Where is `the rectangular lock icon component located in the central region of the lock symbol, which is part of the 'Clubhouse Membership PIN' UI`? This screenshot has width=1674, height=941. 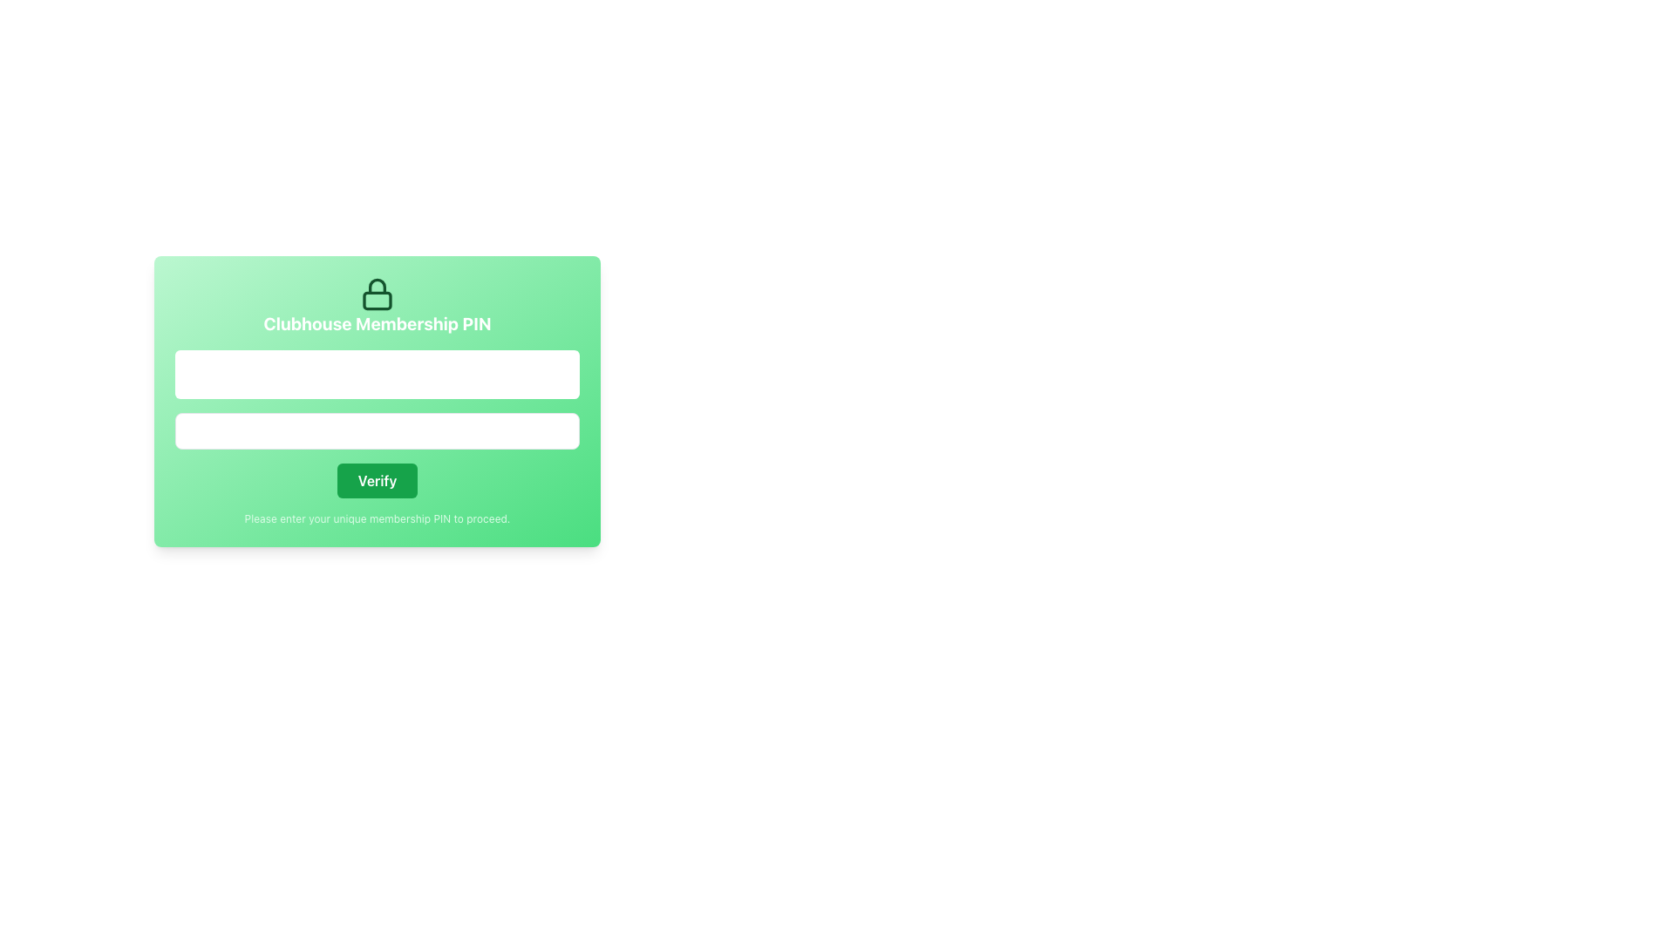
the rectangular lock icon component located in the central region of the lock symbol, which is part of the 'Clubhouse Membership PIN' UI is located at coordinates (376, 300).